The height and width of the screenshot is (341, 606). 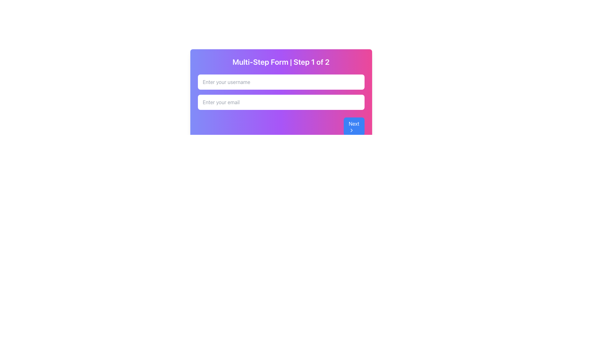 I want to click on the 'Next' button, which is a rounded rectangular button with a blue background and white text, located at the bottom right corner of the multi-step form UI, to observe the hover effect, so click(x=354, y=127).